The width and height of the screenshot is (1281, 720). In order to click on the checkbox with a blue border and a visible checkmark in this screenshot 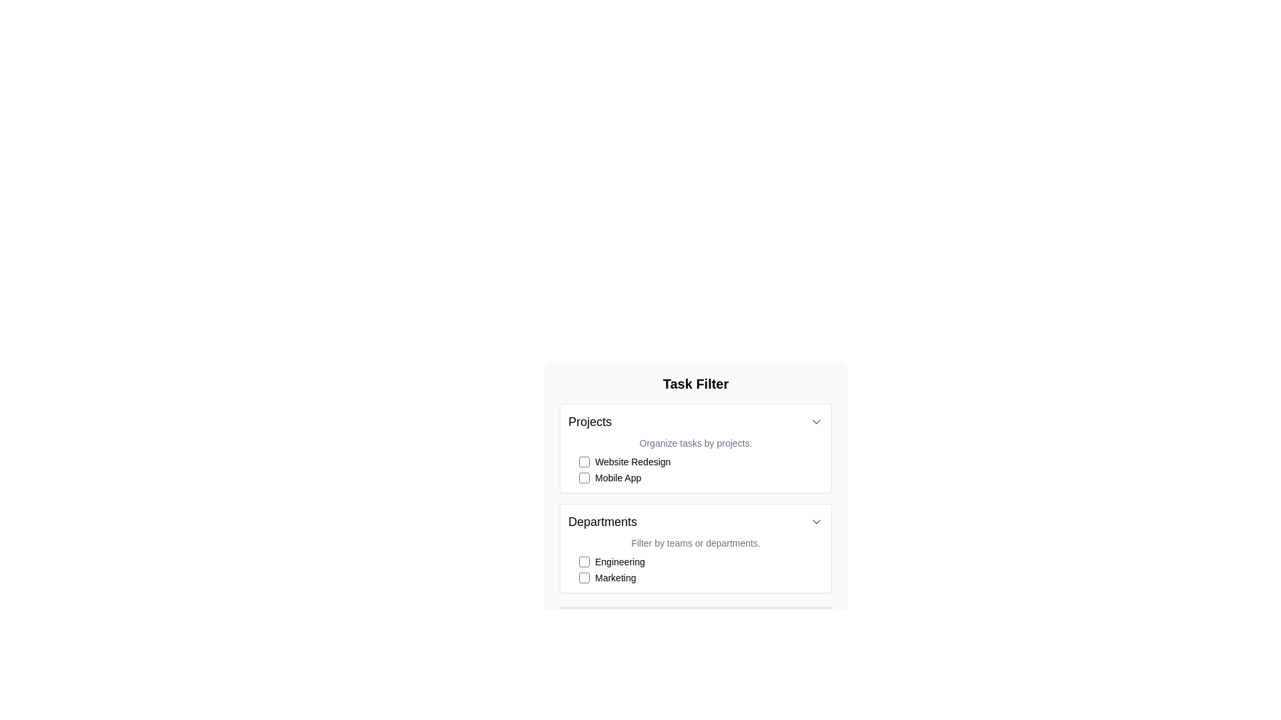, I will do `click(584, 461)`.